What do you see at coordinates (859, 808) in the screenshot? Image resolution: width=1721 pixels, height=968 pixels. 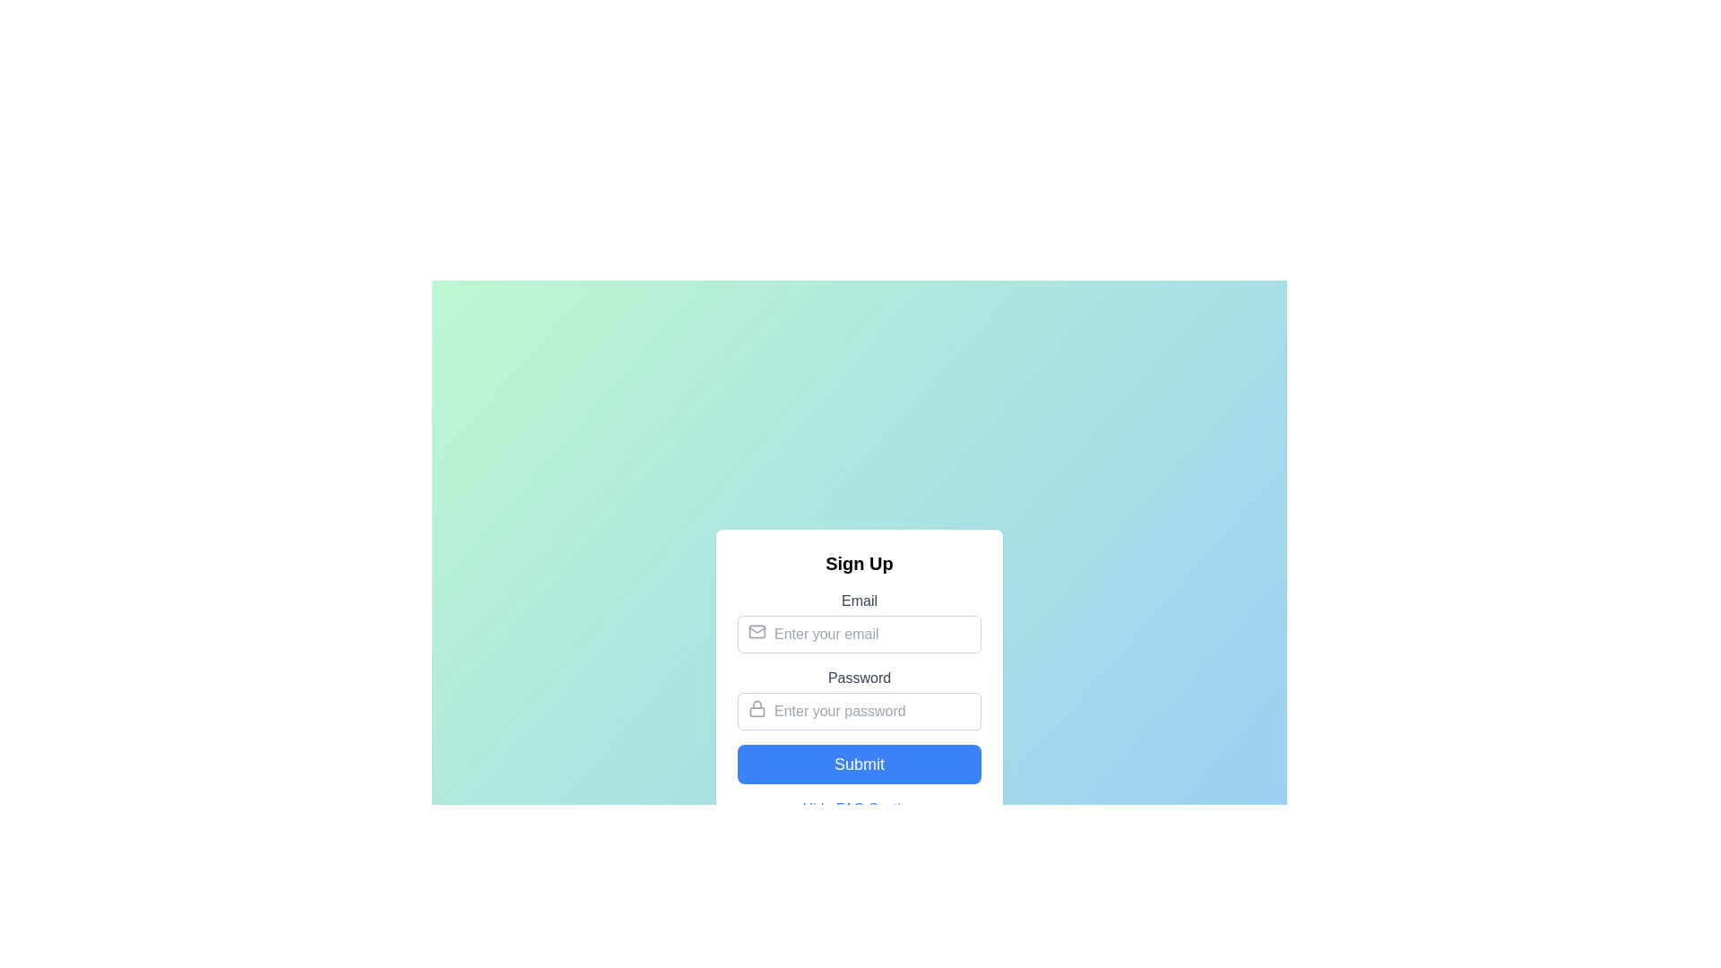 I see `the hyperlink text that toggles the FAQ section visibility, located at the bottom of the 'Sign Up' card, just below the 'Submit' button` at bounding box center [859, 808].